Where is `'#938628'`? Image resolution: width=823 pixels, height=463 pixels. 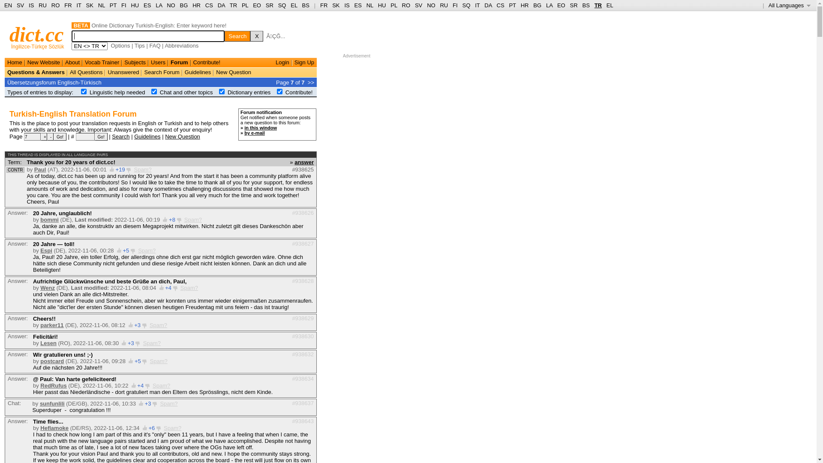
'#938628' is located at coordinates (292, 281).